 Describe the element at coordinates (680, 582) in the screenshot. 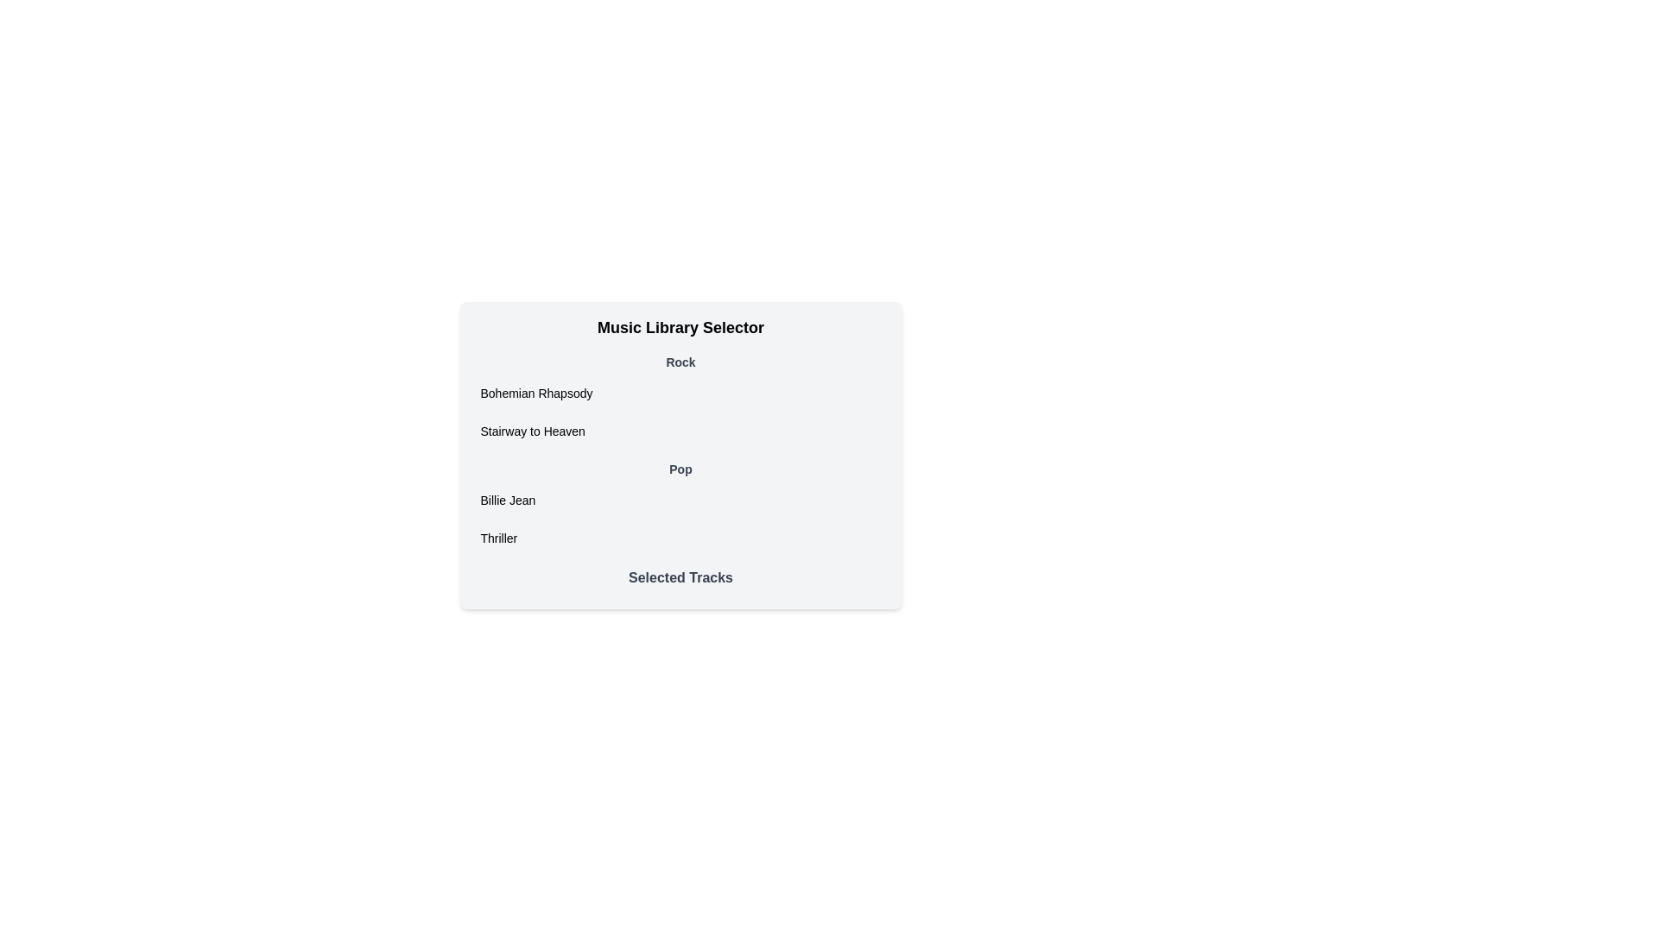

I see `the 'Selected Tracks' label, which is styled in bold dark gray text and located at the bottom of the music track selector card` at that location.